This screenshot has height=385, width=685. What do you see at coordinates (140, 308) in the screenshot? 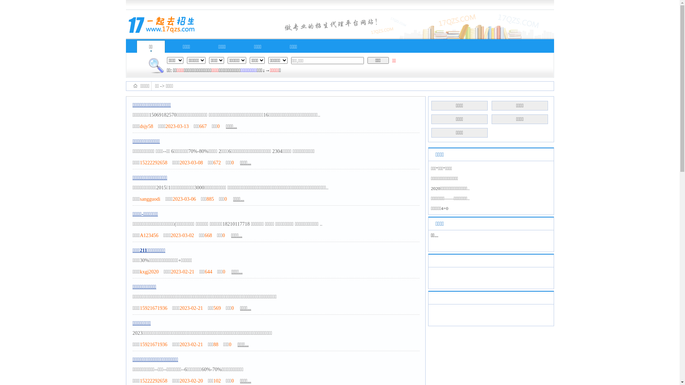
I see `'15921671936'` at bounding box center [140, 308].